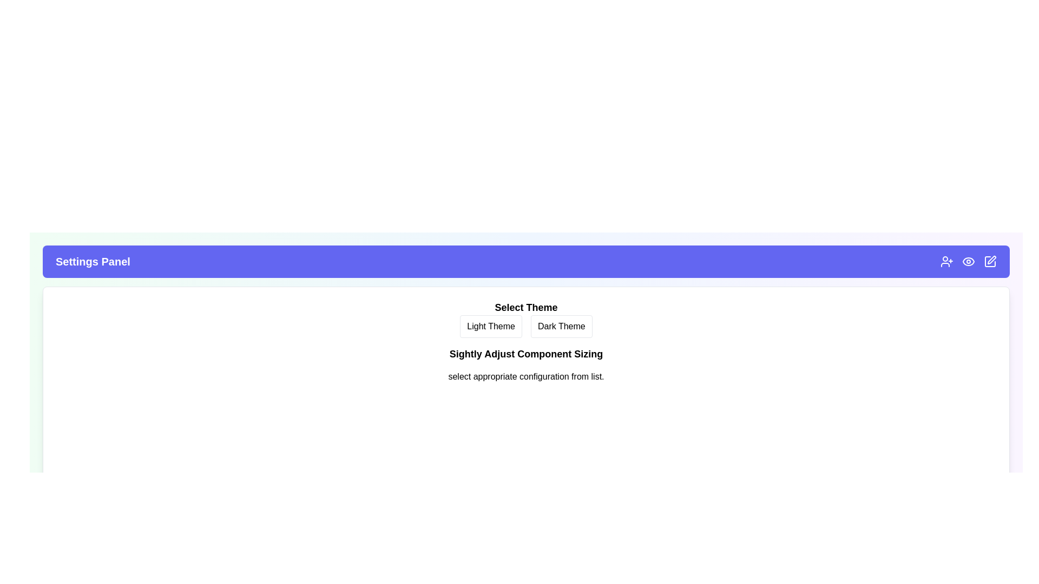 This screenshot has height=584, width=1039. Describe the element at coordinates (992, 260) in the screenshot. I see `the graphic icon resembling a pen within a square located in the toolbar area, as it may trigger an action` at that location.